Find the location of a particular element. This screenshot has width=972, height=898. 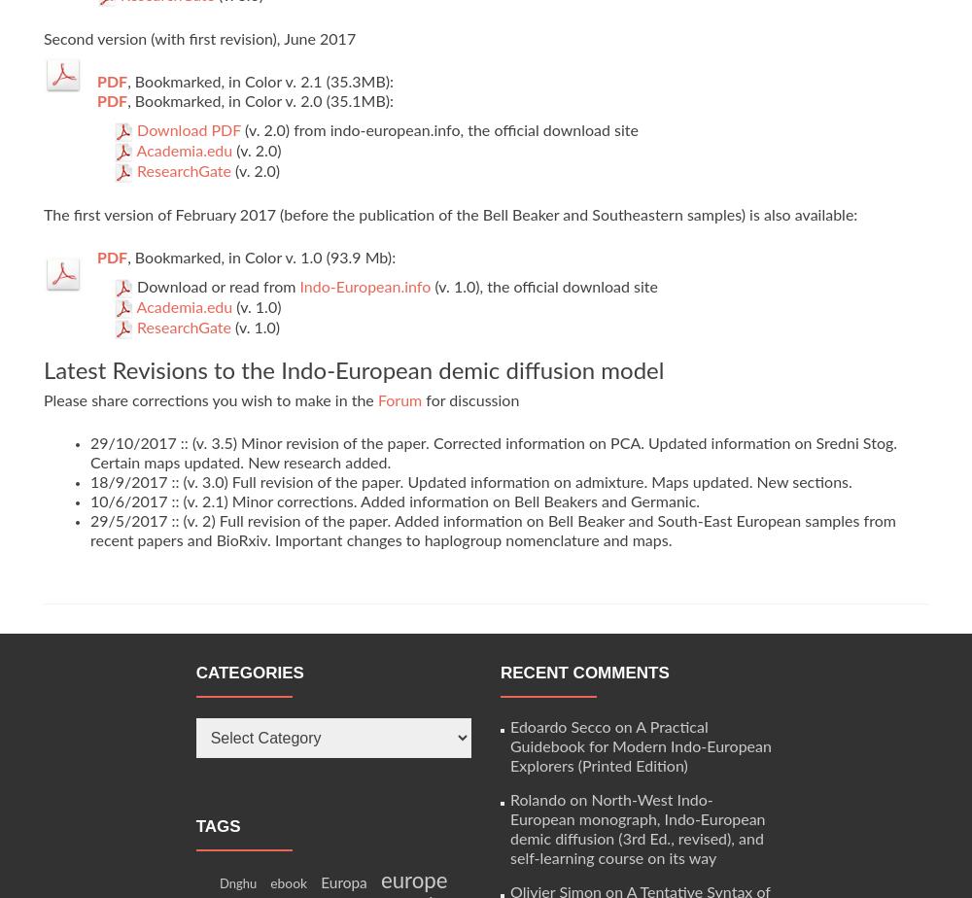

'Rolando' is located at coordinates (538, 800).